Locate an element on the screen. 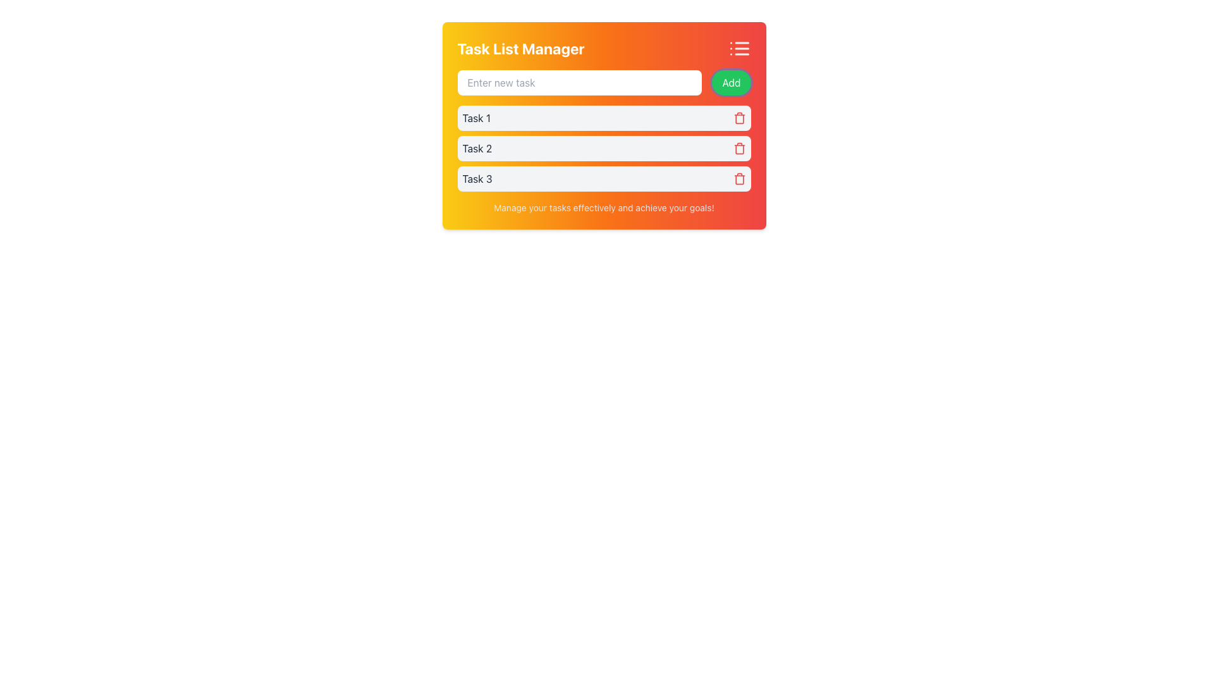  the third task item in the 'Task List Manager' is located at coordinates (603, 178).